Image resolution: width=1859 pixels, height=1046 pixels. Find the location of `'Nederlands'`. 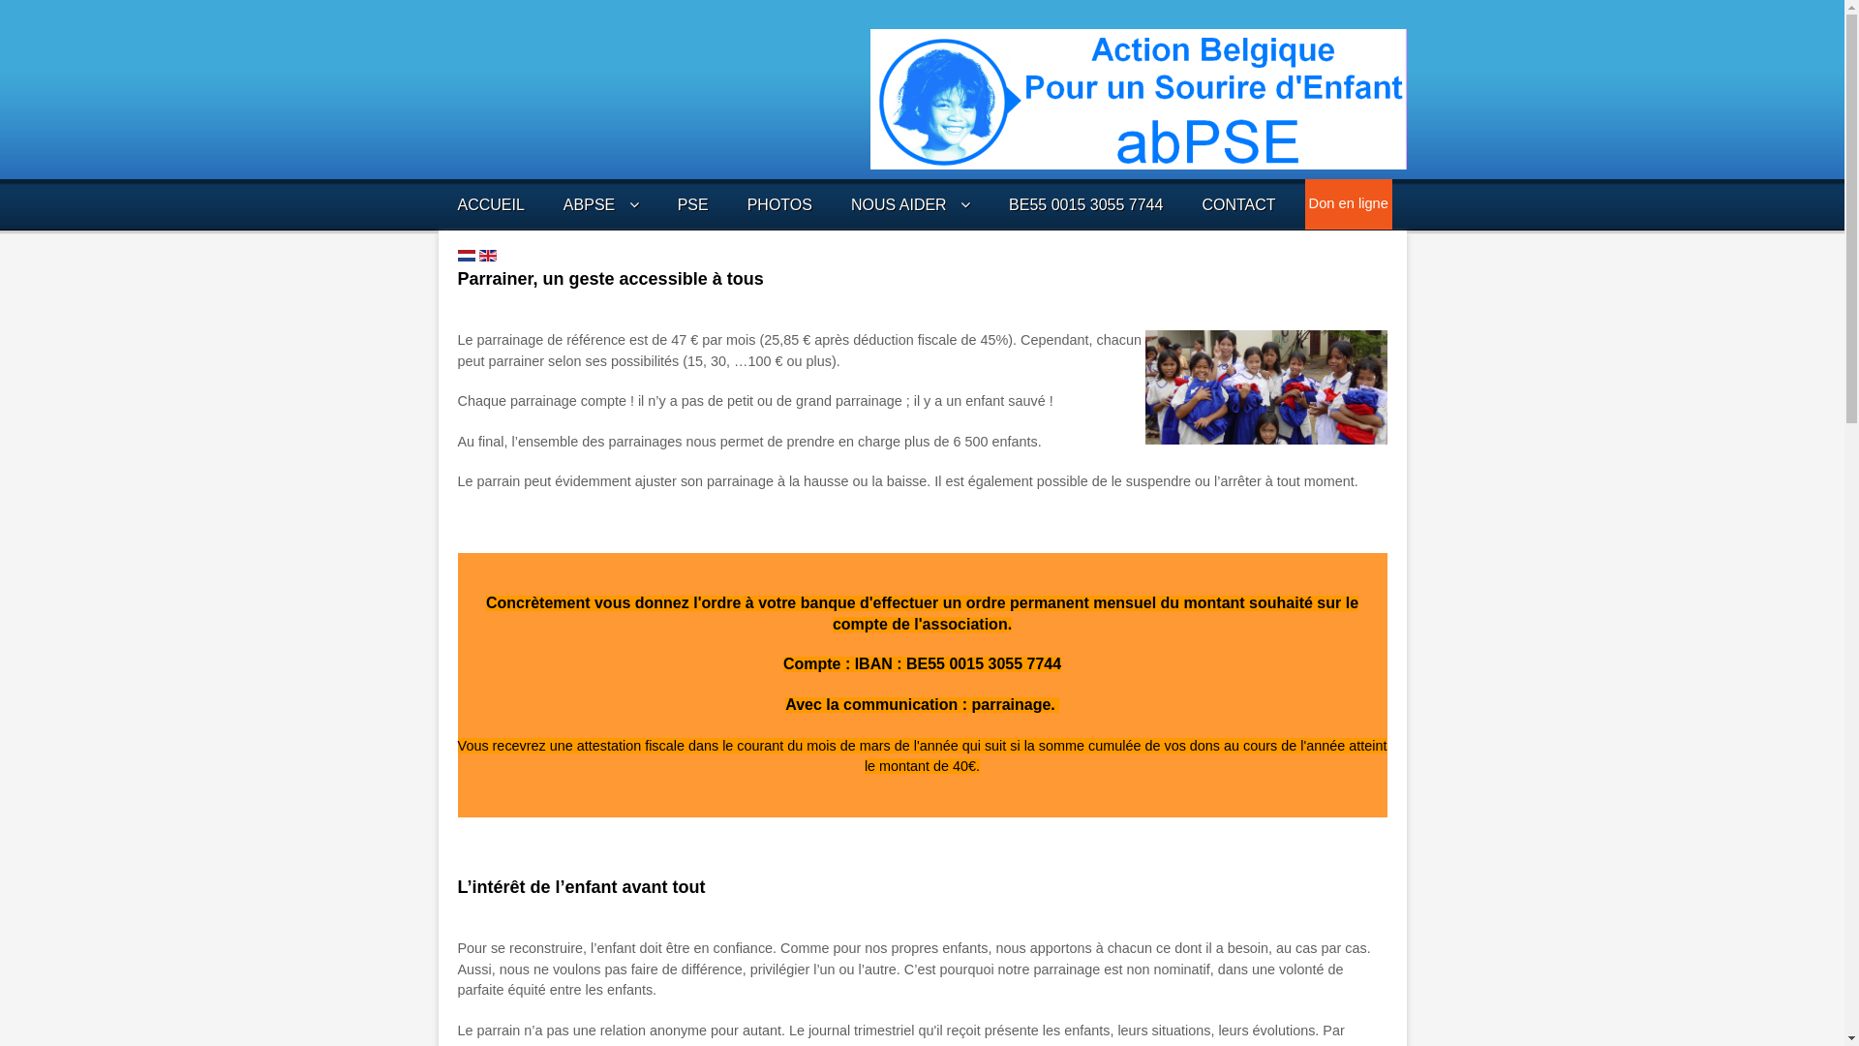

'Nederlands' is located at coordinates (465, 254).